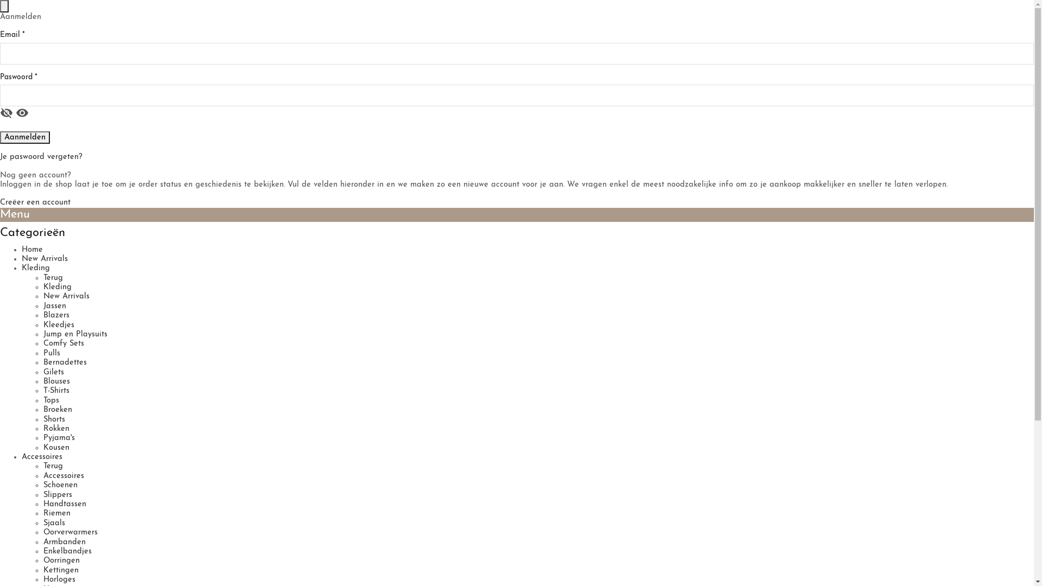  What do you see at coordinates (56, 513) in the screenshot?
I see `'Riemen'` at bounding box center [56, 513].